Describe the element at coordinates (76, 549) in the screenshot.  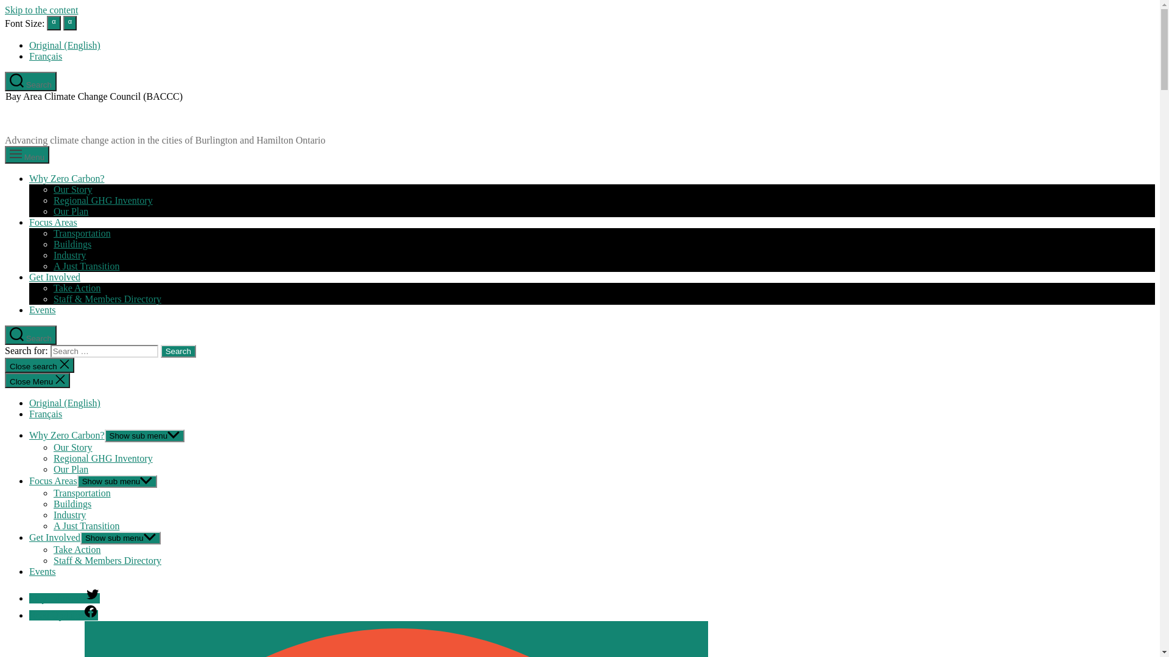
I see `'Take Action'` at that location.